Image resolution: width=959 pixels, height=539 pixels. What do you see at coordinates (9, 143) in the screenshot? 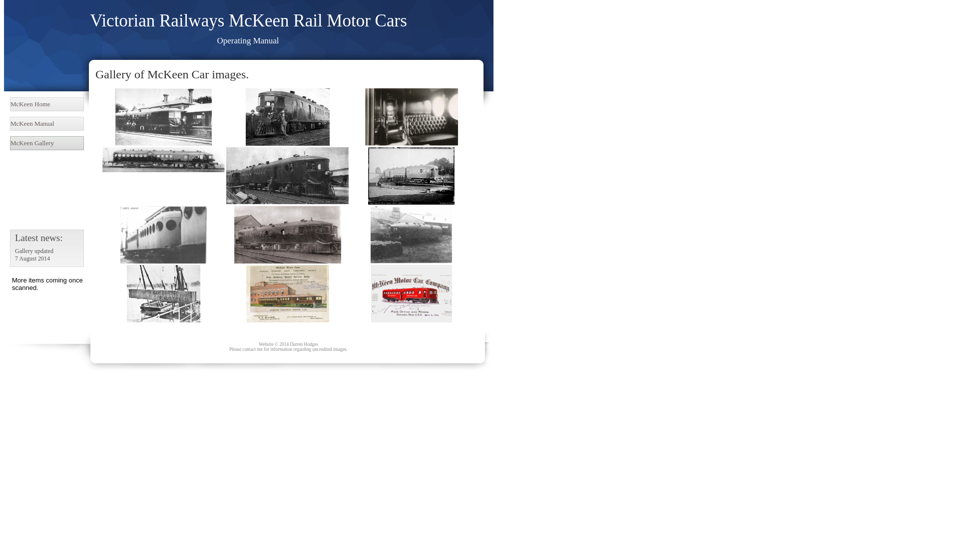
I see `'McKeen Gallery'` at bounding box center [9, 143].